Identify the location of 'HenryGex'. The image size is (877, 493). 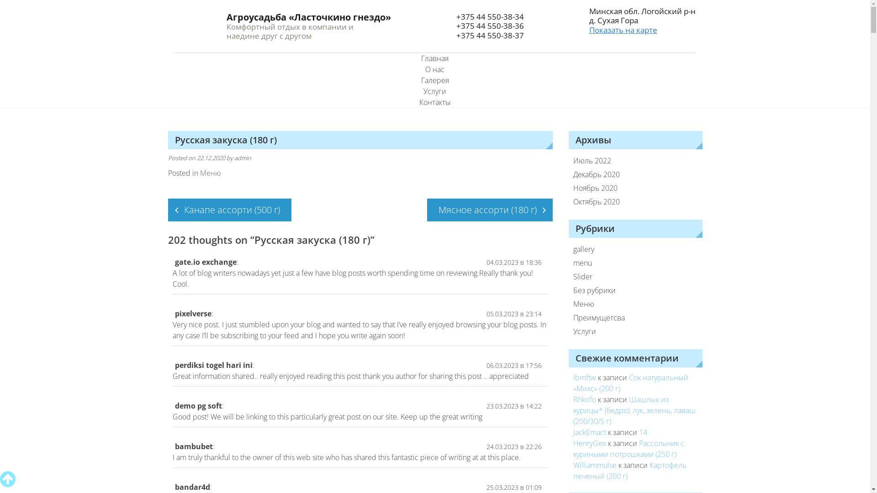
(590, 443).